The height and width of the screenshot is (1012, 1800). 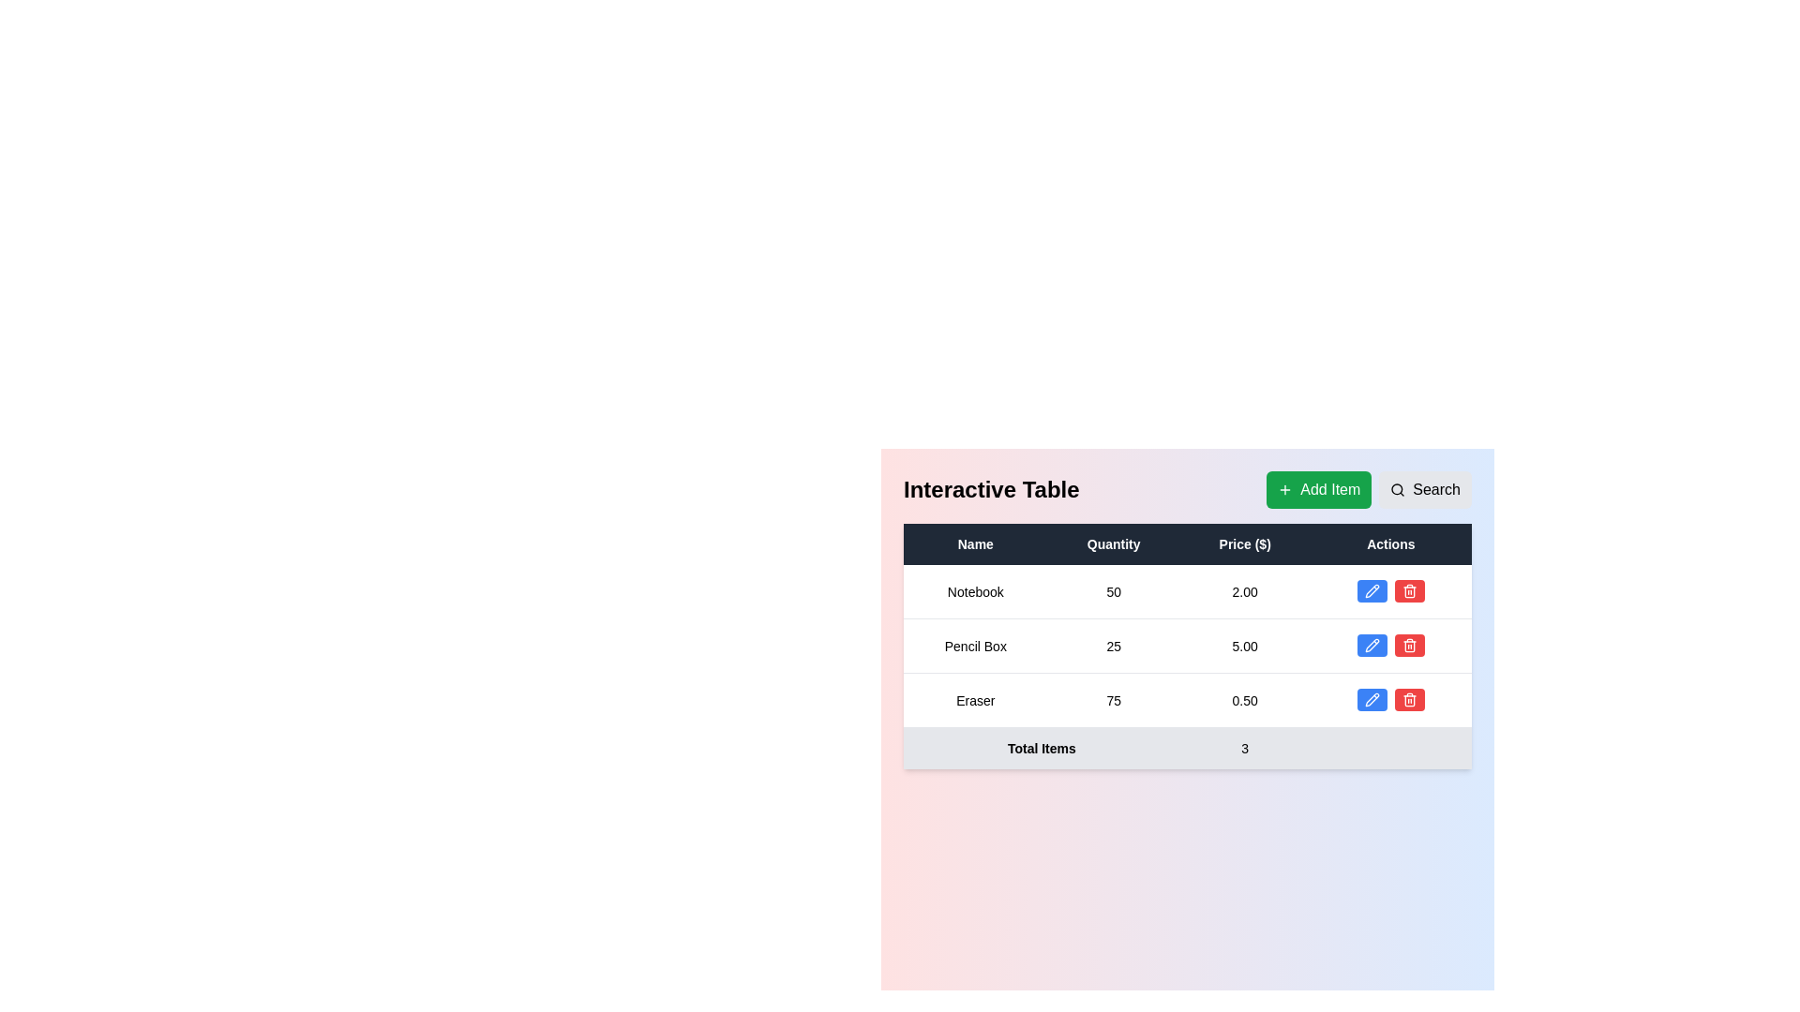 I want to click on the edit icon located in the 'Actions' column of the second row in the table to initiate editing for the 'Pencil Box' item, so click(x=1372, y=645).